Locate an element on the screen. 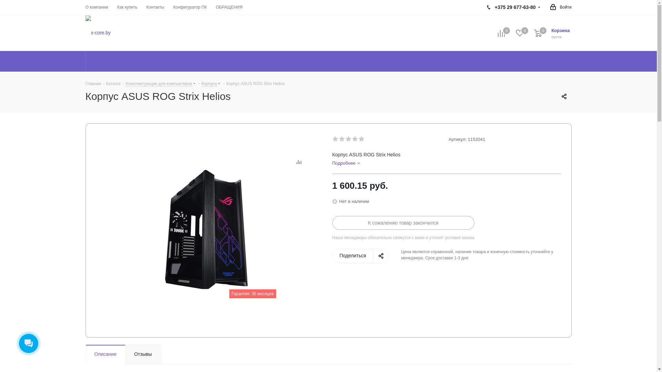 The image size is (662, 372). '1' is located at coordinates (335, 139).